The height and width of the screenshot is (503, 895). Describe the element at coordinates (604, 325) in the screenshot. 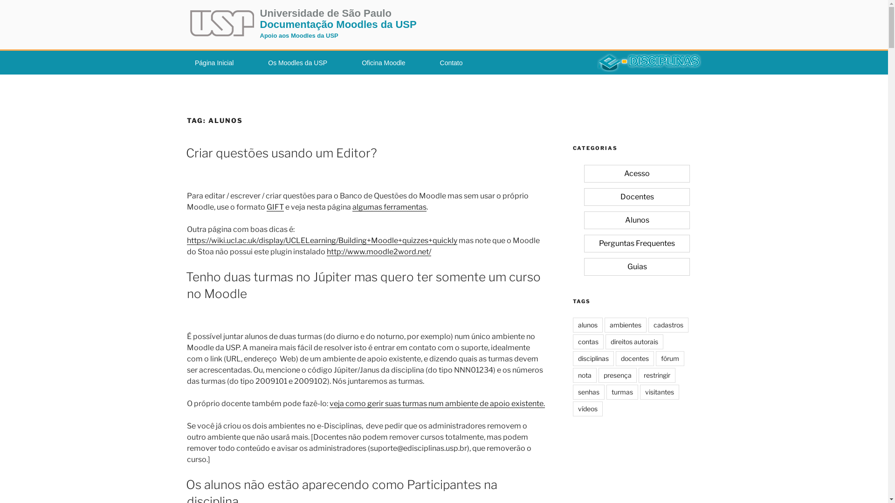

I see `'ambientes'` at that location.